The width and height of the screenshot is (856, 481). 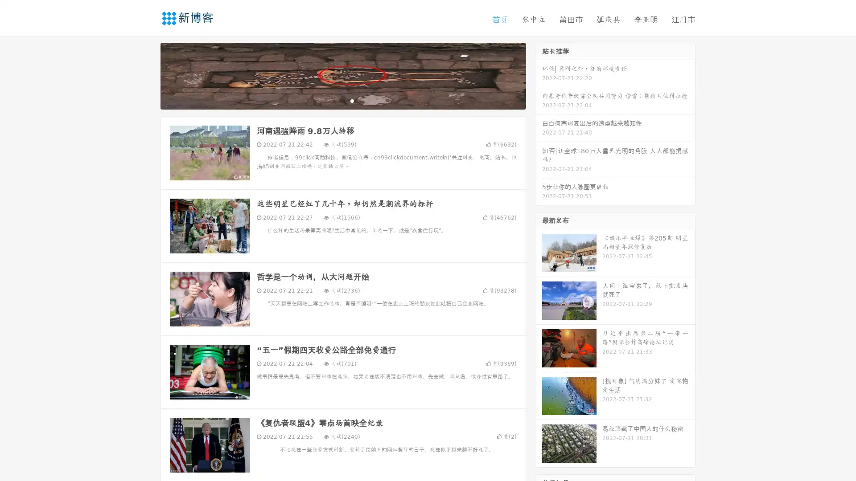 I want to click on Go to slide 2, so click(x=342, y=100).